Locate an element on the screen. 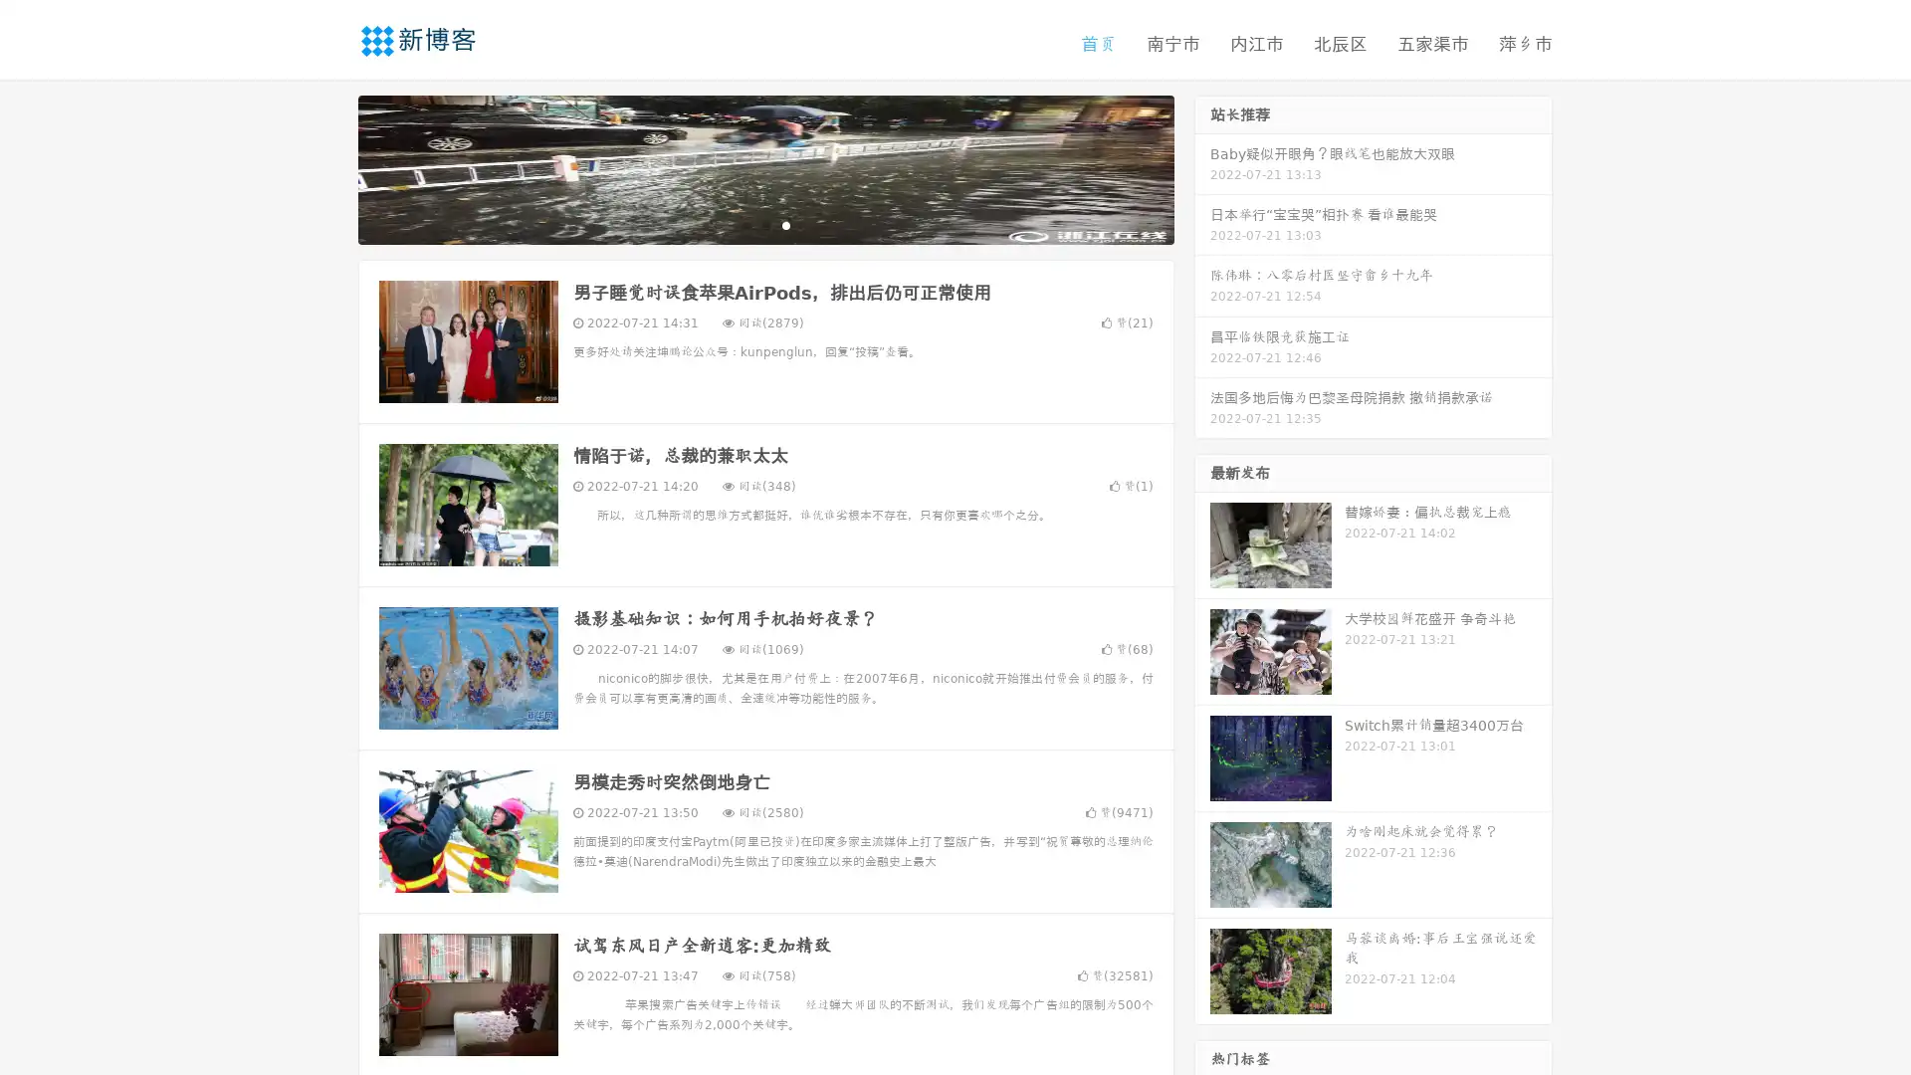  Go to slide 3 is located at coordinates (785, 224).